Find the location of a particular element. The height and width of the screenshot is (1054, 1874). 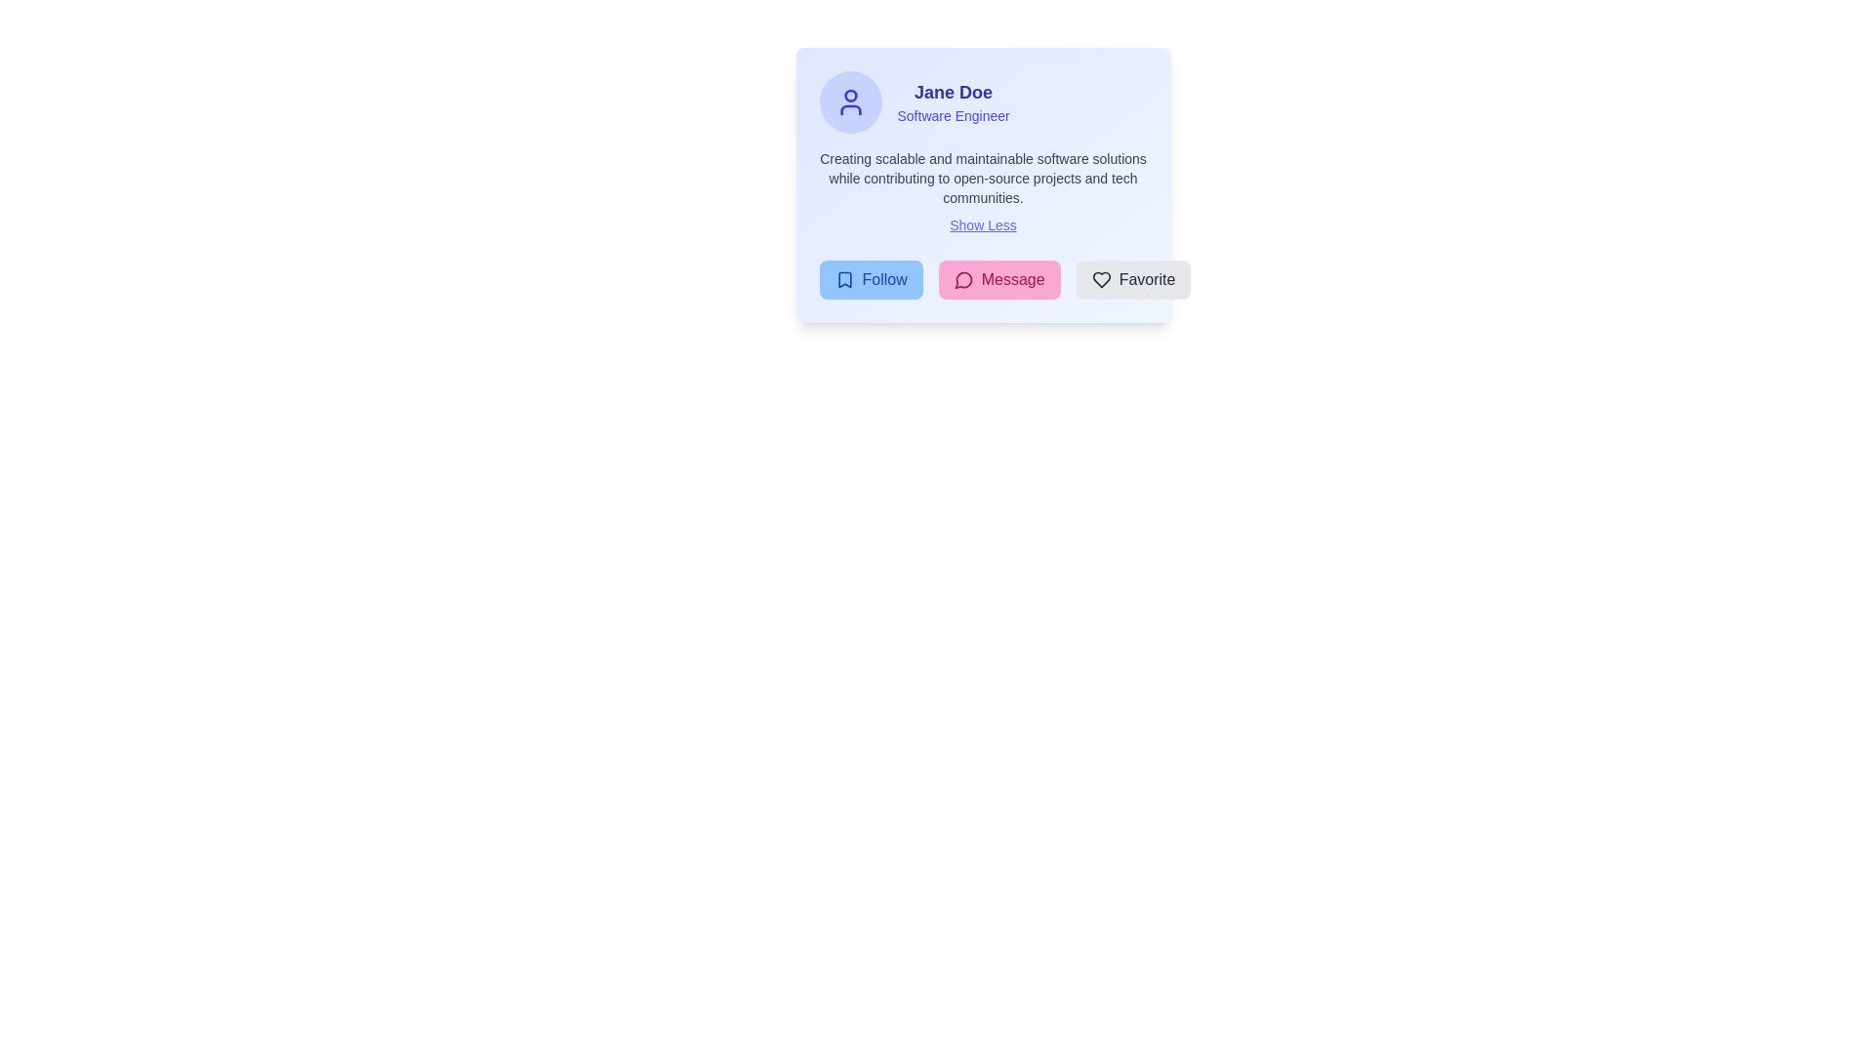

the text label displaying Jane Doe's job title, which is positioned directly beneath her name in the profile card is located at coordinates (954, 116).